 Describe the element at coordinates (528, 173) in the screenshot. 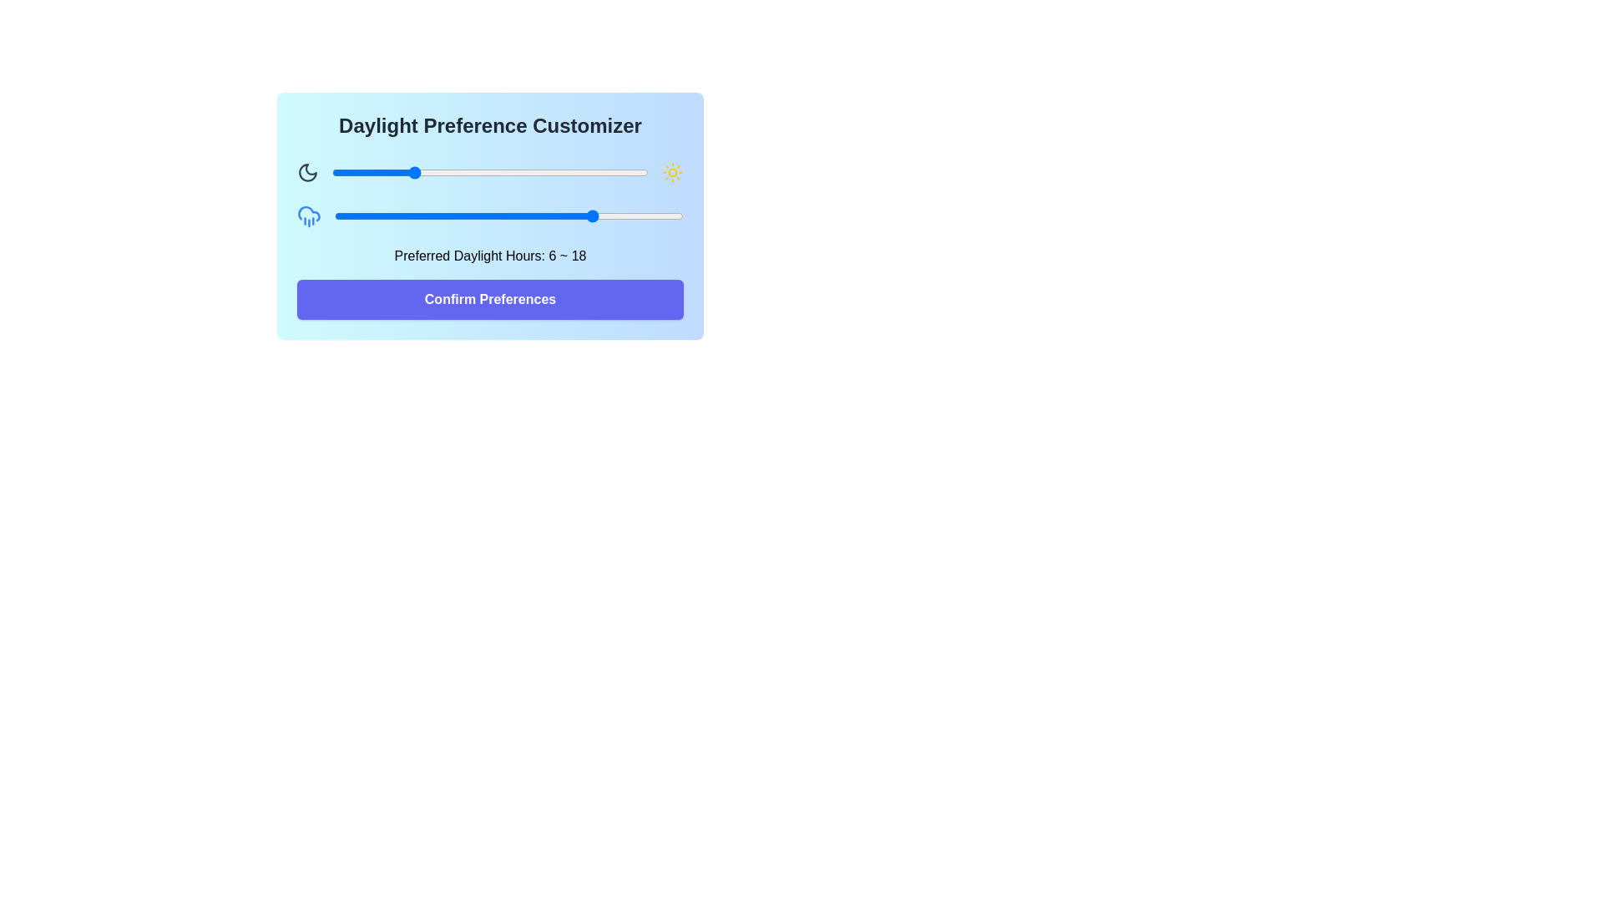

I see `the daylight hours` at that location.